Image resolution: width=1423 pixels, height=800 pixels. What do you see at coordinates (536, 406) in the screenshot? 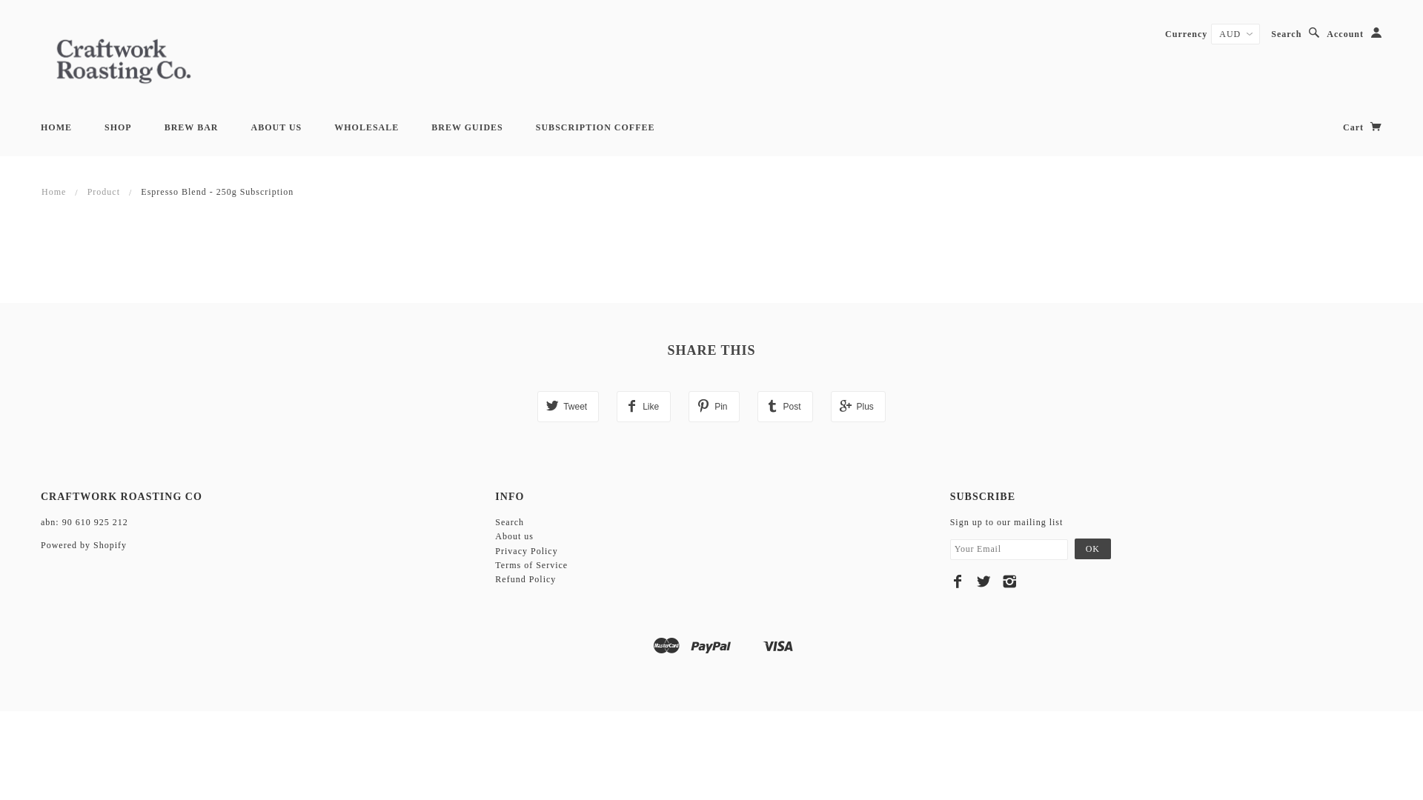
I see `'Tweet'` at bounding box center [536, 406].